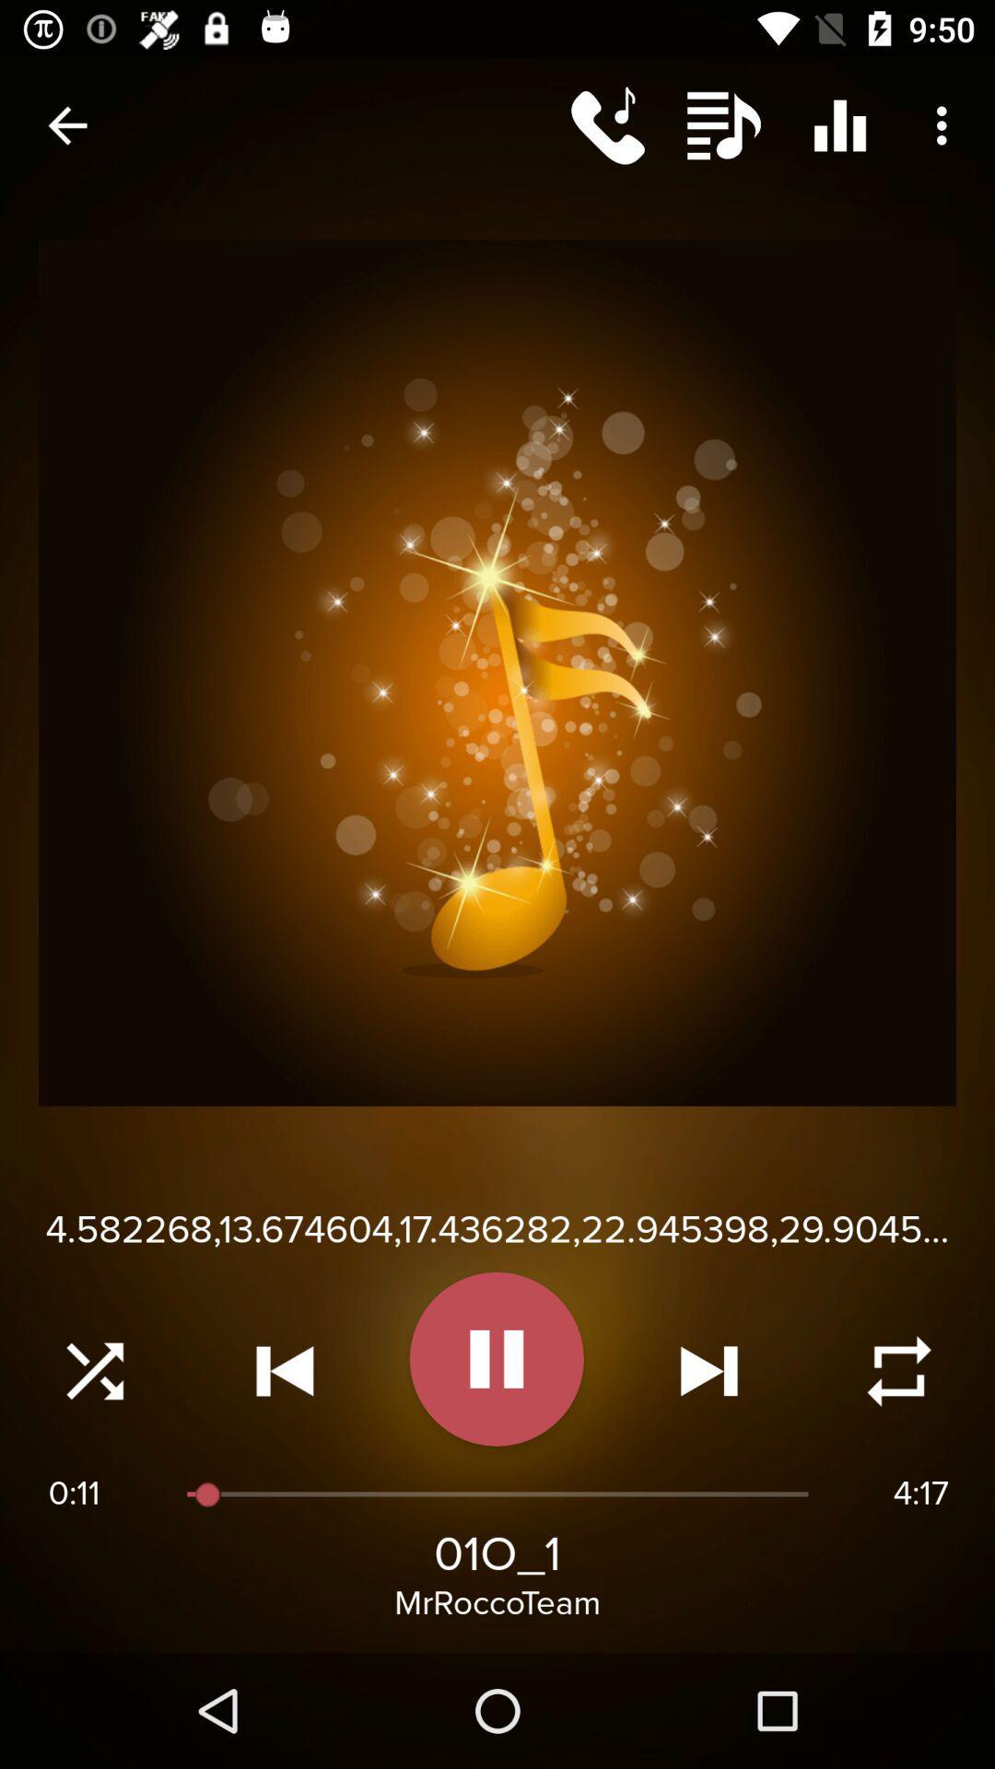 The image size is (995, 1769). I want to click on shuffle audio, so click(95, 1371).